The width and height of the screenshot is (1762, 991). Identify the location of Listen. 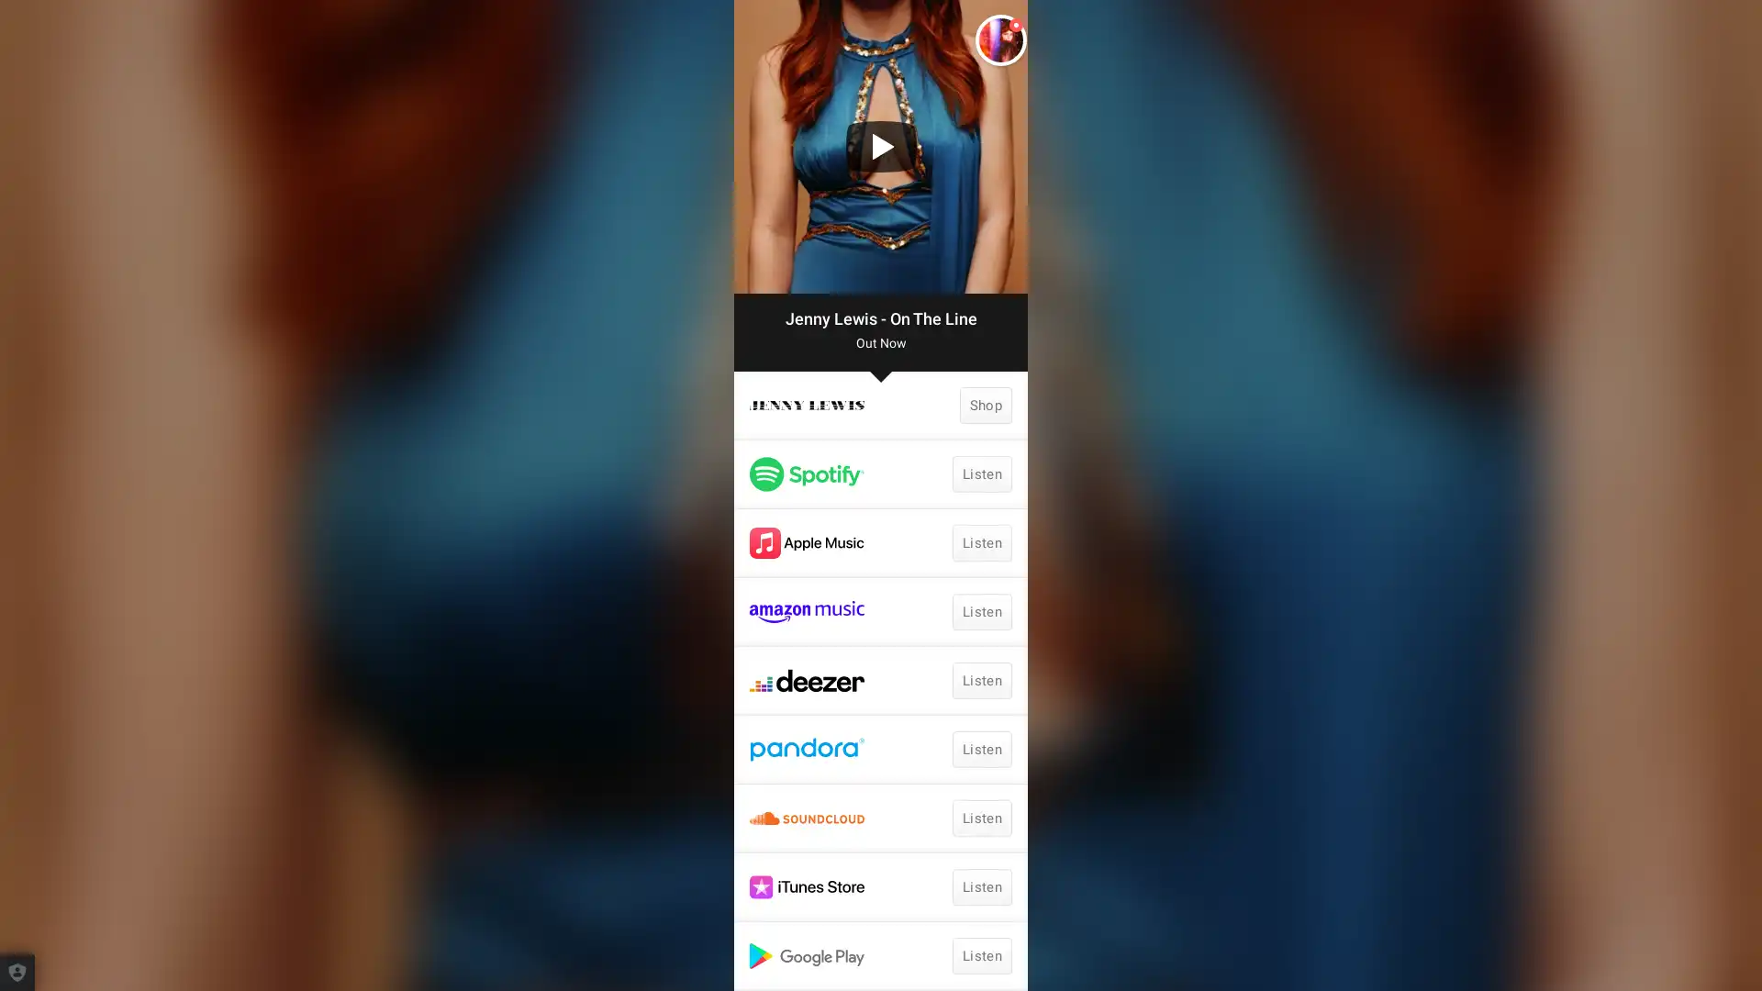
(981, 750).